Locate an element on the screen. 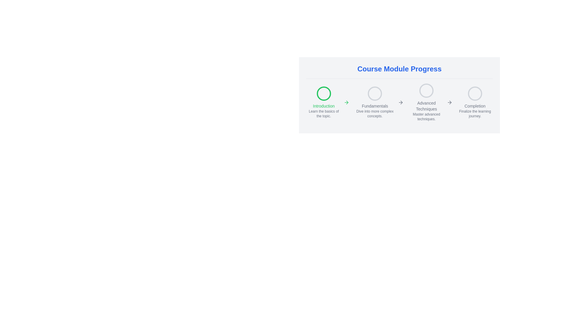 The image size is (569, 320). the 'Fundamentals' informational module step, which is the second in a horizontal sequence of modules is located at coordinates (375, 102).